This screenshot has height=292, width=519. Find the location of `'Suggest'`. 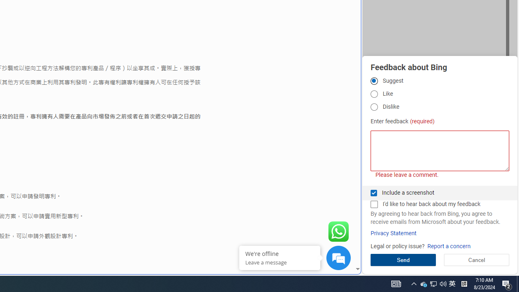

'Suggest' is located at coordinates (373, 81).